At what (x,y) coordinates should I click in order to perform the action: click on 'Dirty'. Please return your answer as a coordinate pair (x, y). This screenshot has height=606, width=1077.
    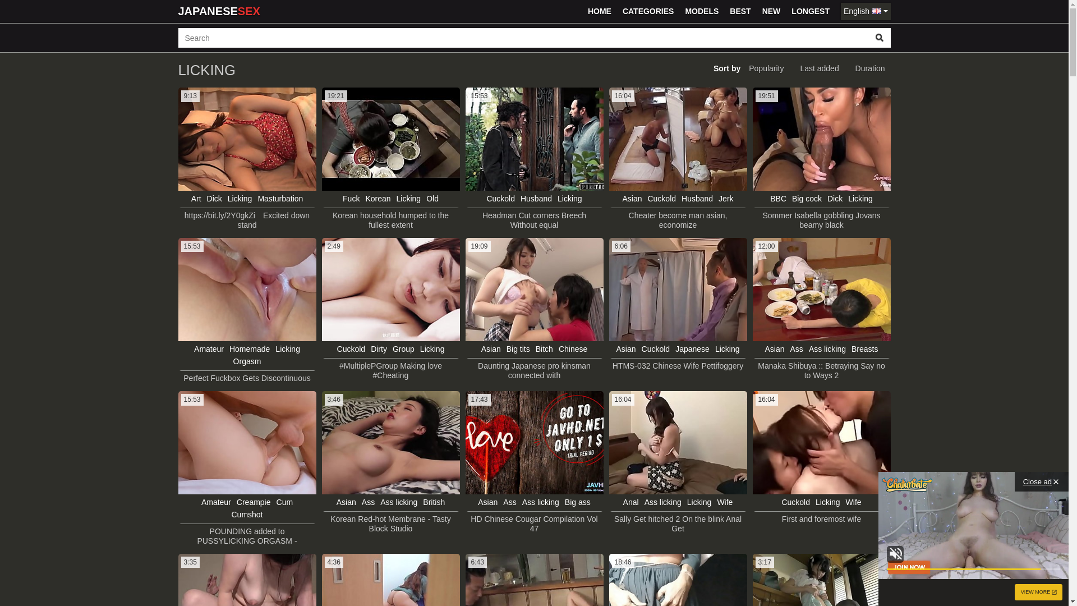
    Looking at the image, I should click on (379, 348).